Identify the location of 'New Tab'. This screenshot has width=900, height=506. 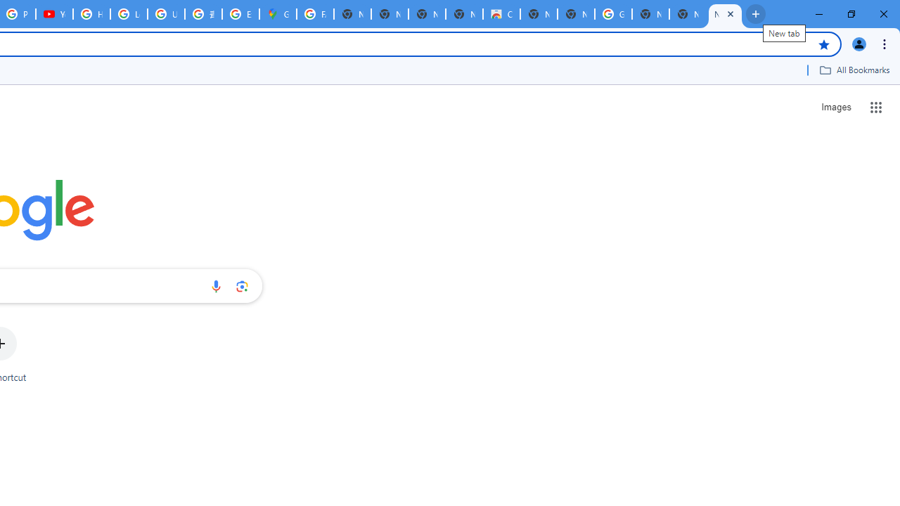
(755, 14).